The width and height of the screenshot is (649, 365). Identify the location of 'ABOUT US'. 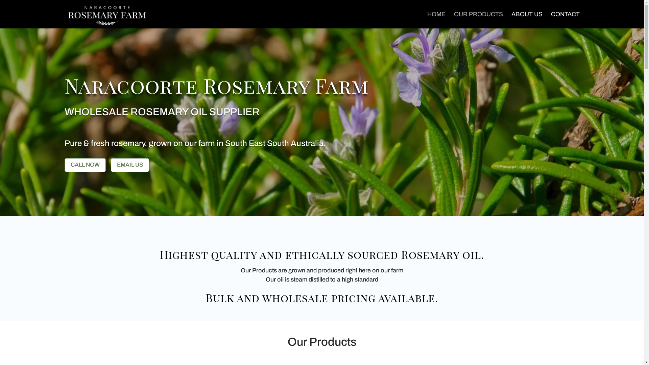
(526, 19).